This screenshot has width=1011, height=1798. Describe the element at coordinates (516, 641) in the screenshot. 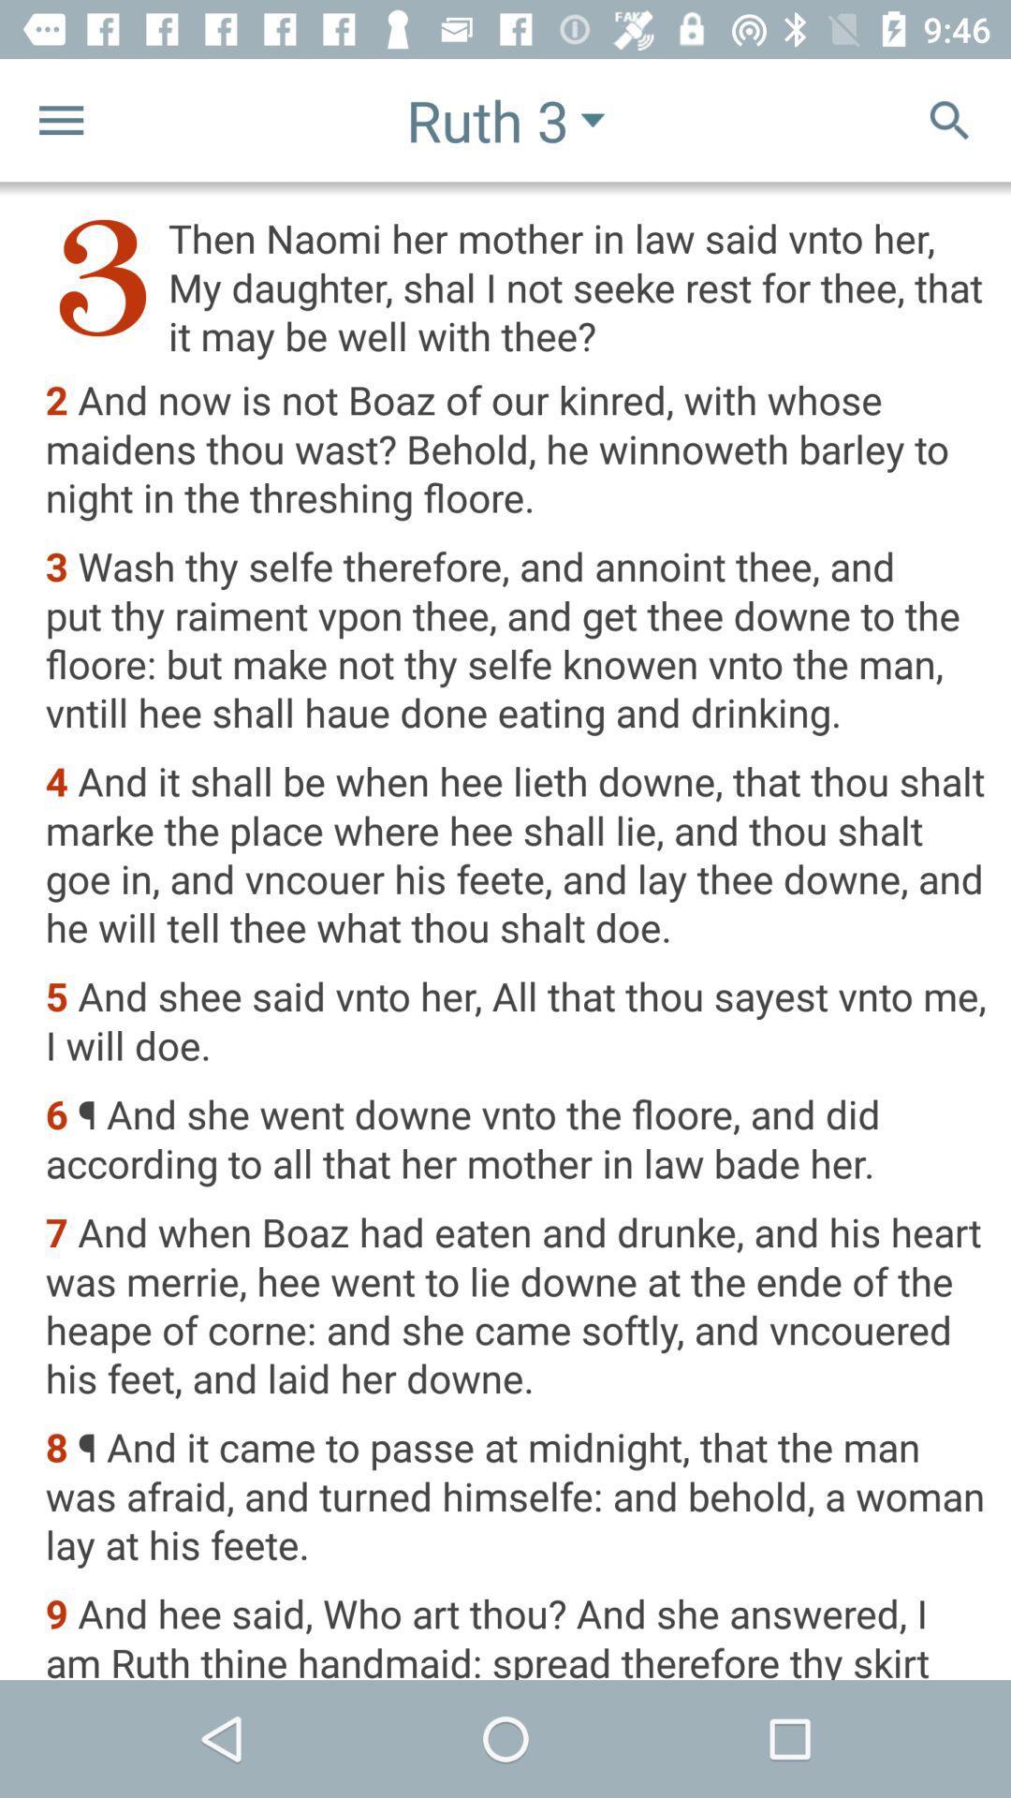

I see `icon below the 2 and now item` at that location.